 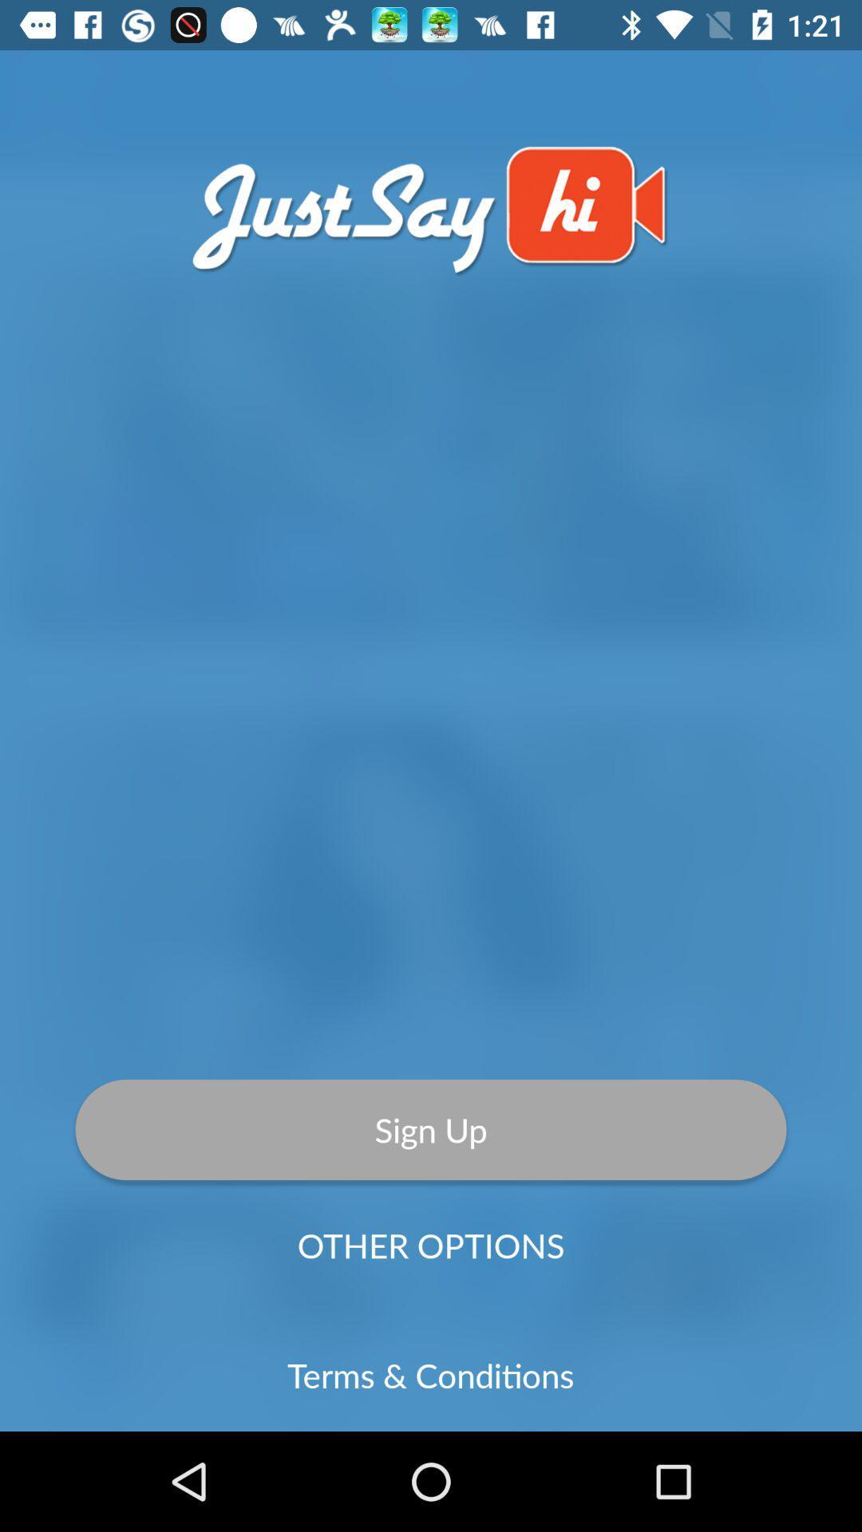 I want to click on sign up, so click(x=431, y=1129).